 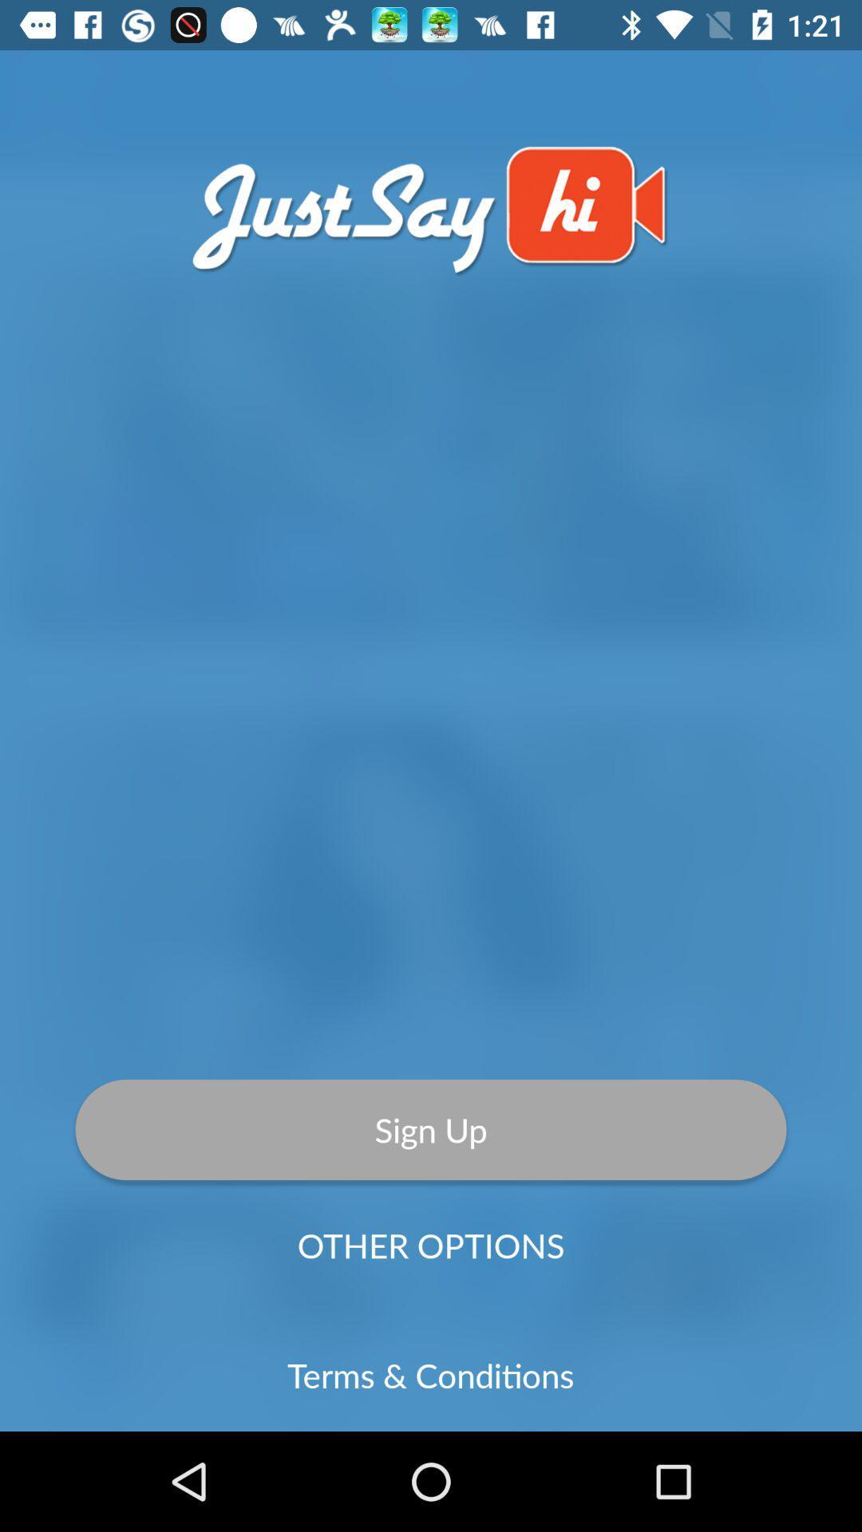 I want to click on sign up, so click(x=431, y=1129).